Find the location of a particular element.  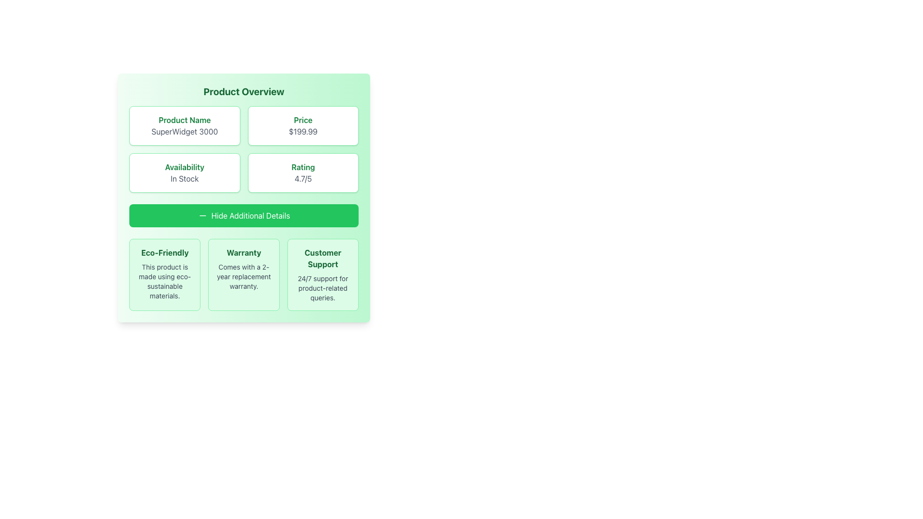

the Information display box that indicates the availability status of a product, located under the 'Product Overview' header in the grid layout is located at coordinates (185, 172).